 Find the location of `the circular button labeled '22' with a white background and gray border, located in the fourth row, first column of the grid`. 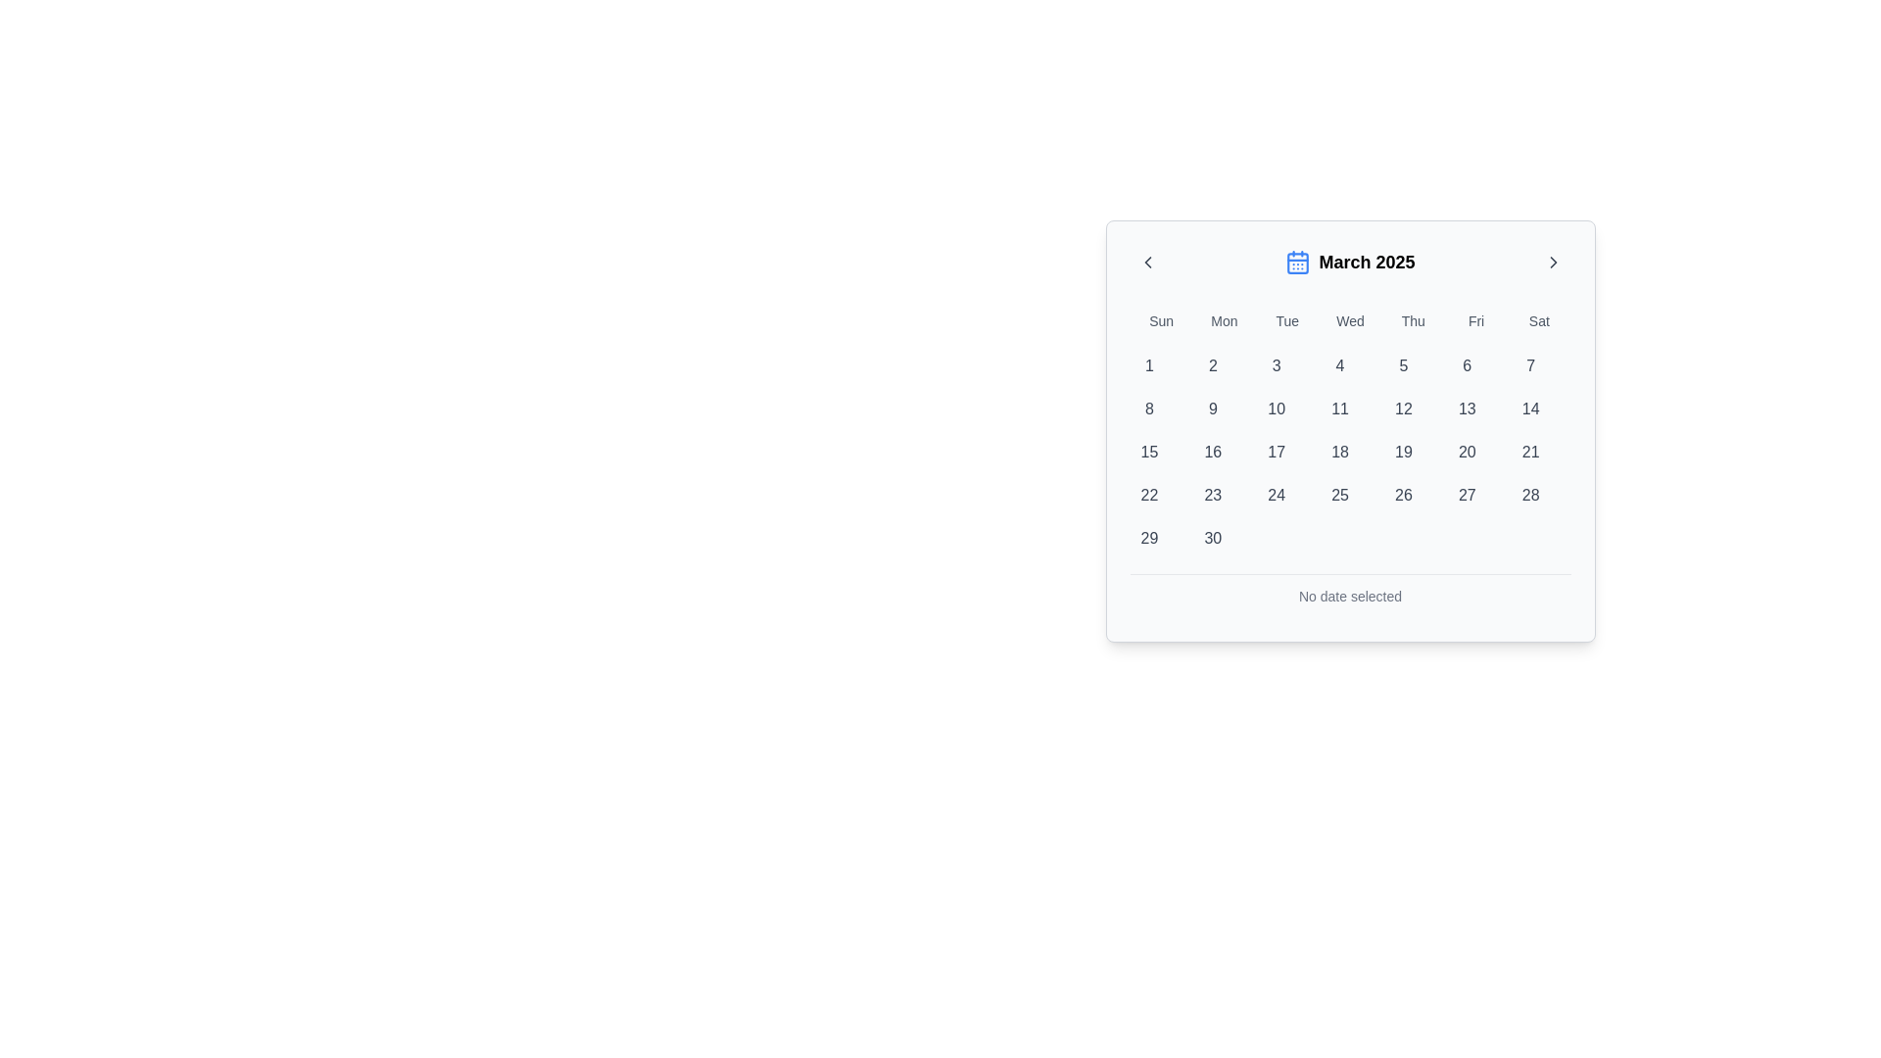

the circular button labeled '22' with a white background and gray border, located in the fourth row, first column of the grid is located at coordinates (1149, 494).